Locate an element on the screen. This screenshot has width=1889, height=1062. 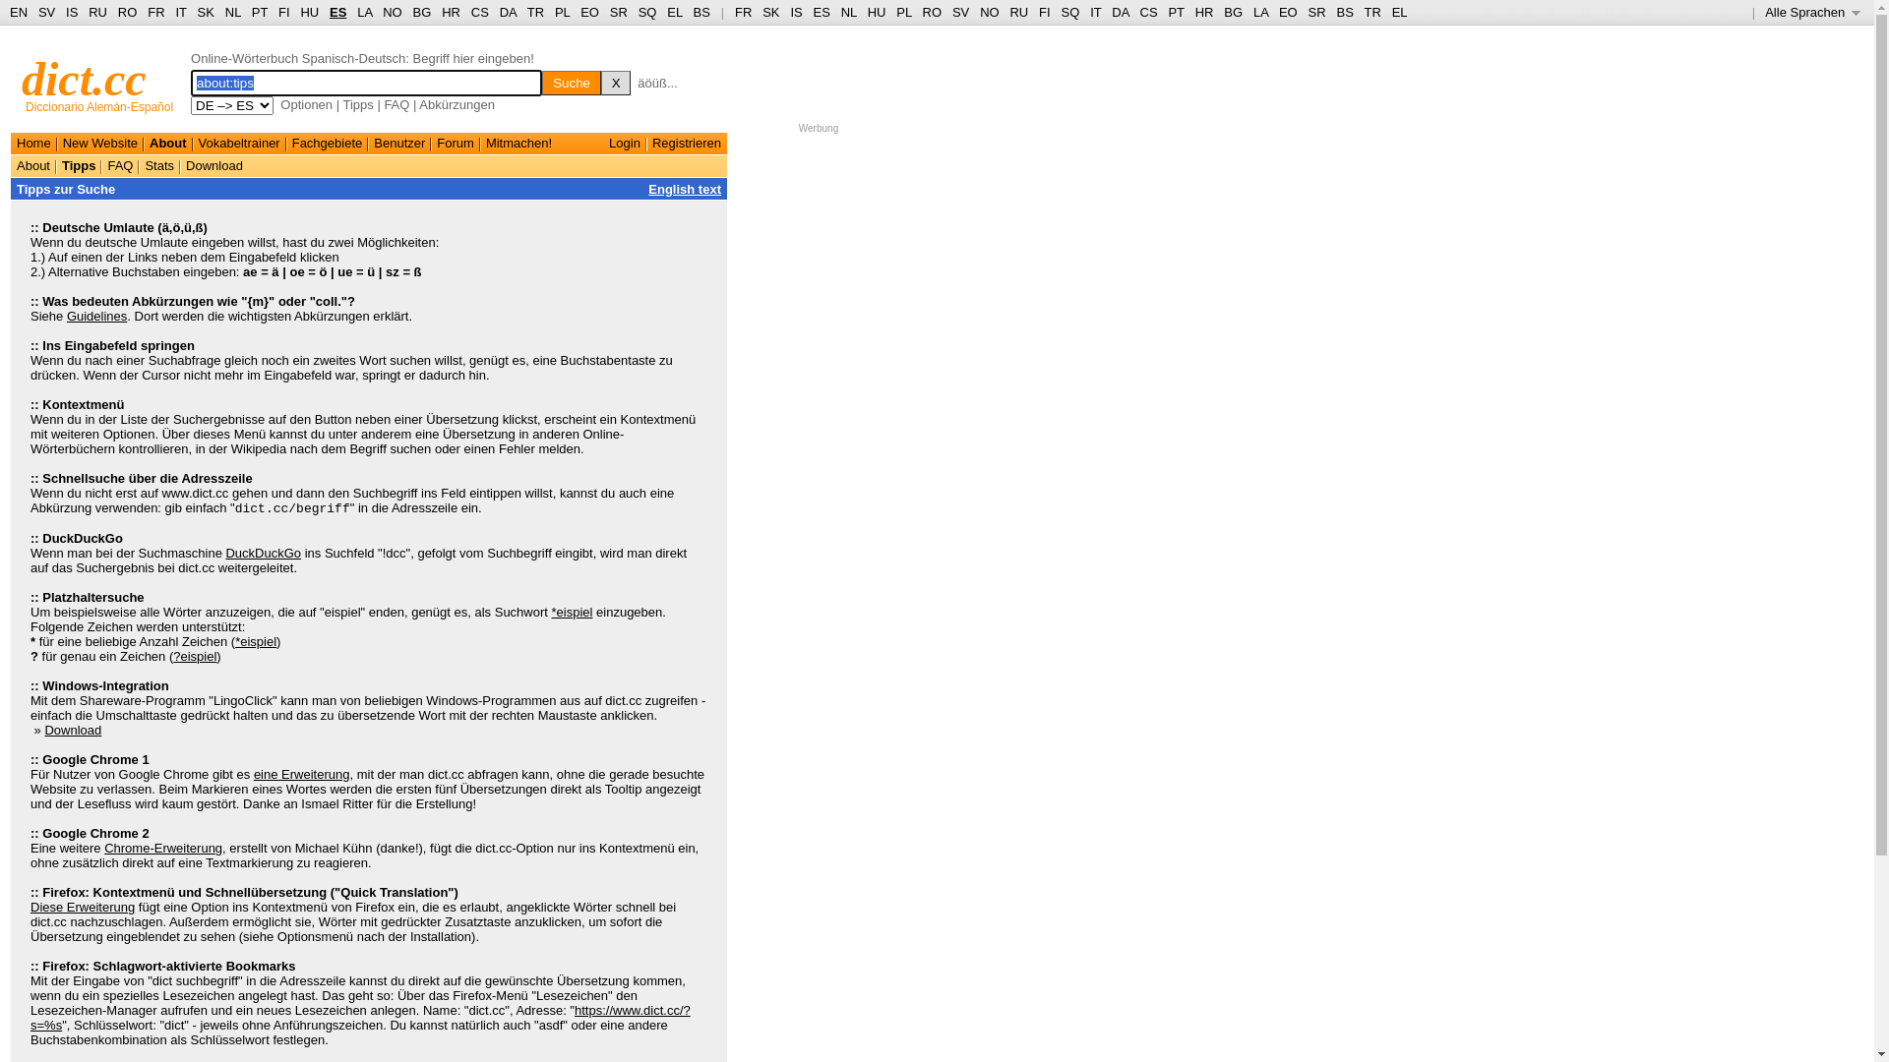
'DA' is located at coordinates (1120, 12).